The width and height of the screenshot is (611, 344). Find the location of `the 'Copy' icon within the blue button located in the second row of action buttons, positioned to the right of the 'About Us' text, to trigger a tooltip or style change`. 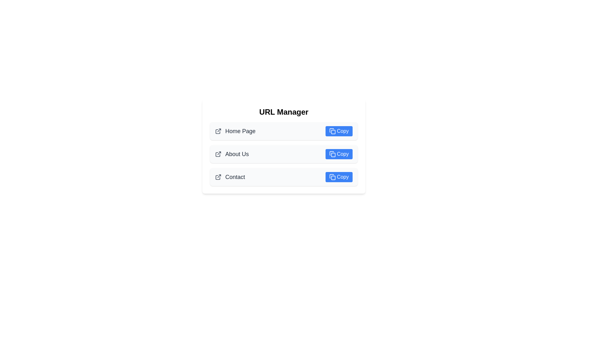

the 'Copy' icon within the blue button located in the second row of action buttons, positioned to the right of the 'About Us' text, to trigger a tooltip or style change is located at coordinates (332, 154).